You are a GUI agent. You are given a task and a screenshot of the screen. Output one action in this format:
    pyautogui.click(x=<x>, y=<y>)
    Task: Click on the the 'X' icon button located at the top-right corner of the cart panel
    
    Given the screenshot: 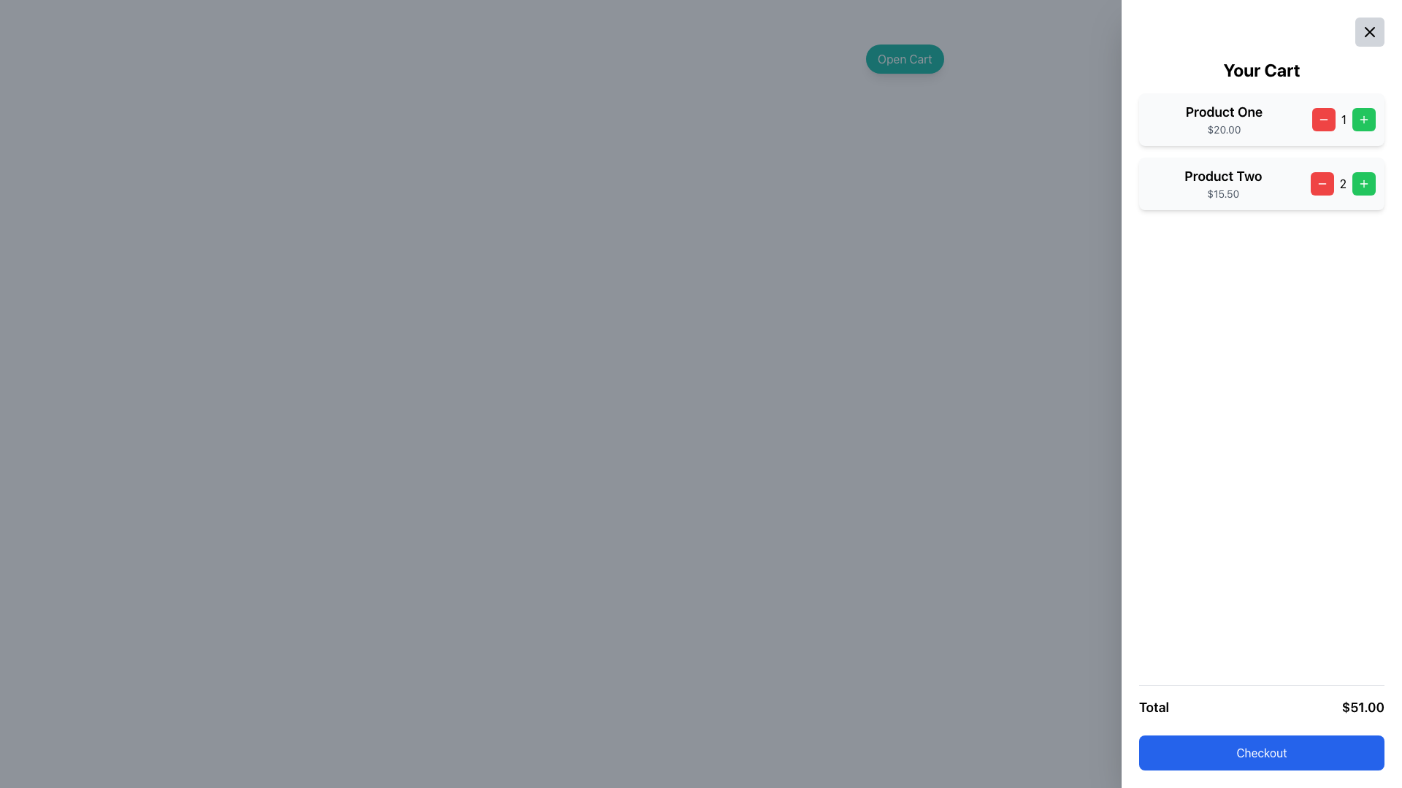 What is the action you would take?
    pyautogui.click(x=1369, y=31)
    